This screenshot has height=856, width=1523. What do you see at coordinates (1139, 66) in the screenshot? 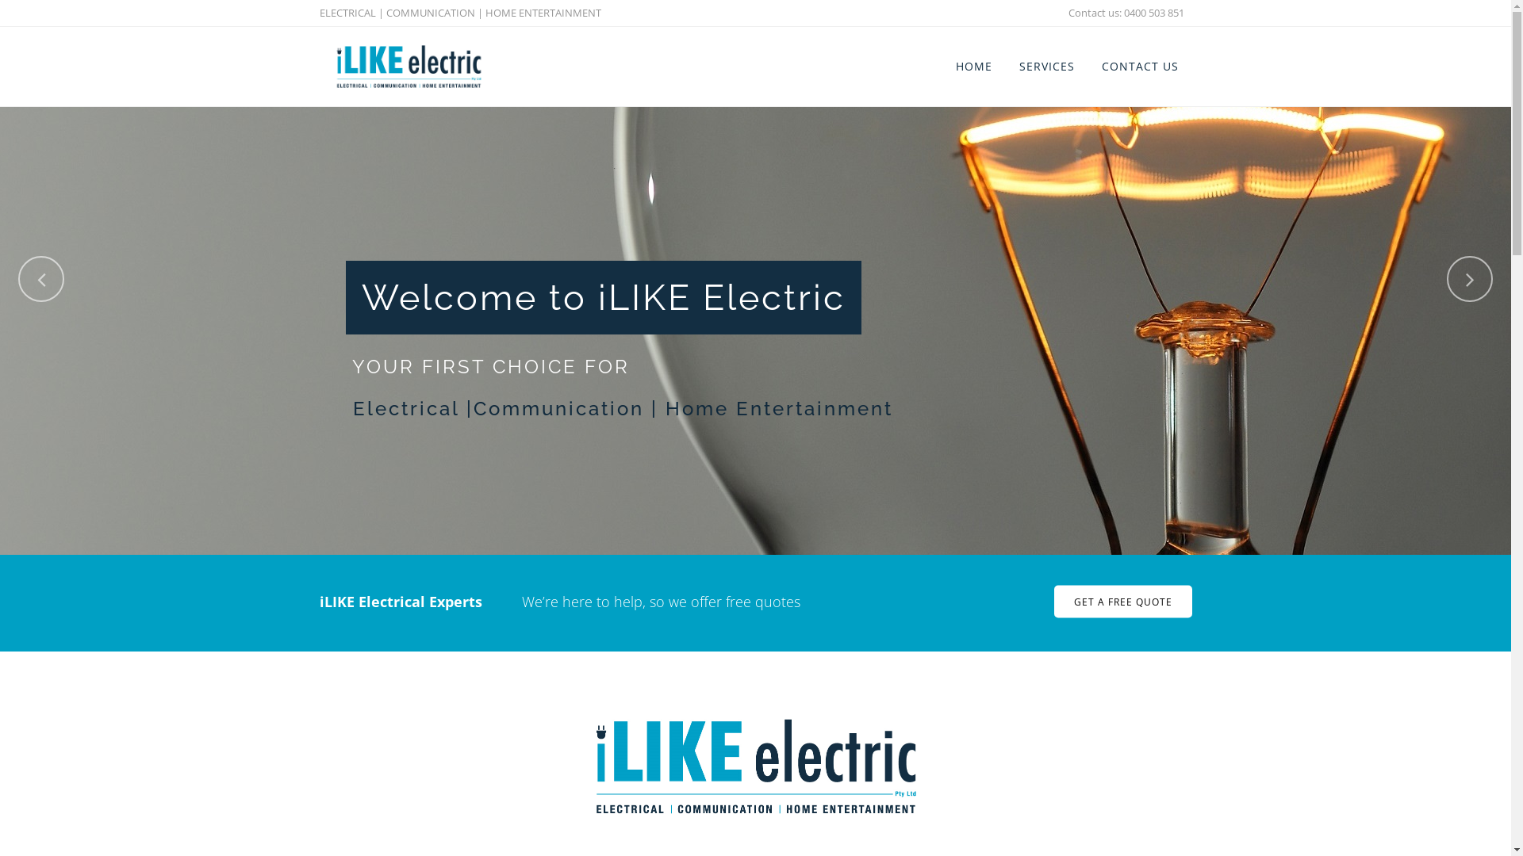
I see `'CONTACT US'` at bounding box center [1139, 66].